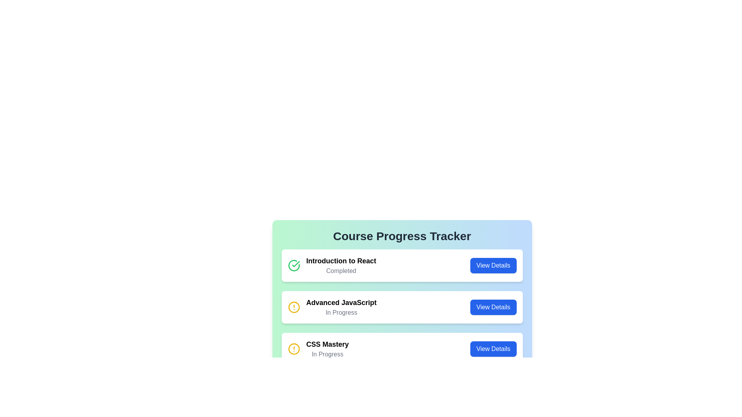 The image size is (742, 417). What do you see at coordinates (327, 354) in the screenshot?
I see `text label that displays 'In Progress' located below the course title 'CSS Mastery' in the 'Course Progress Tracker' list` at bounding box center [327, 354].